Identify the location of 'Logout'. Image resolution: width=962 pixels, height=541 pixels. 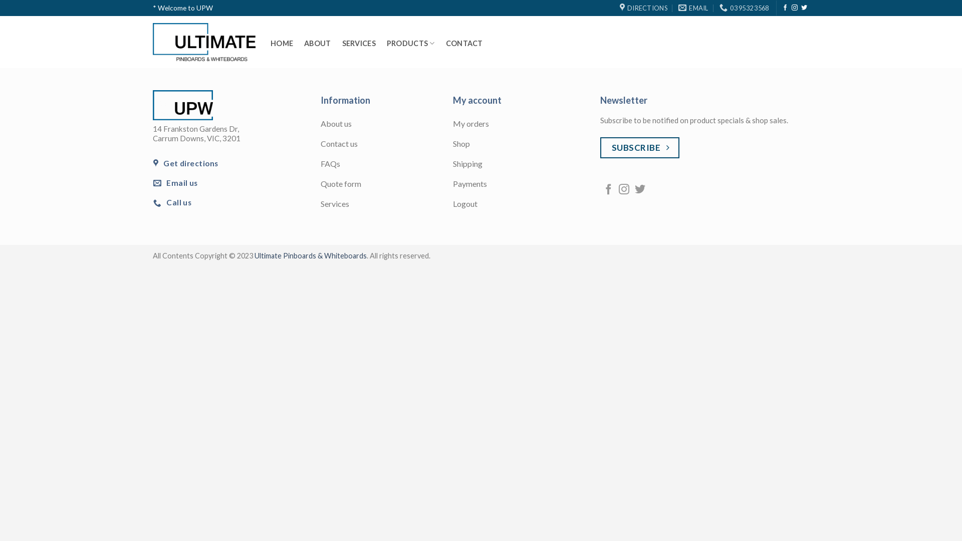
(519, 204).